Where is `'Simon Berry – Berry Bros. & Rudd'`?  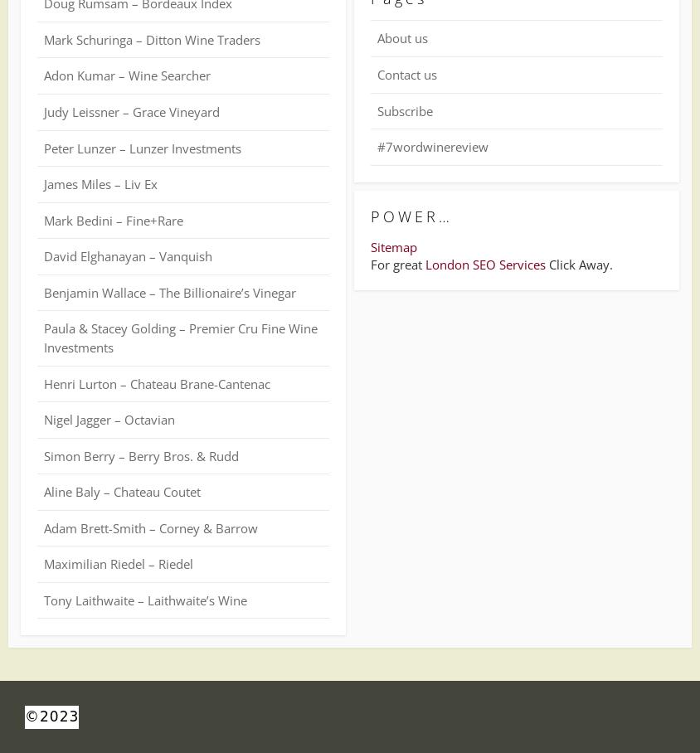 'Simon Berry – Berry Bros. & Rudd' is located at coordinates (141, 454).